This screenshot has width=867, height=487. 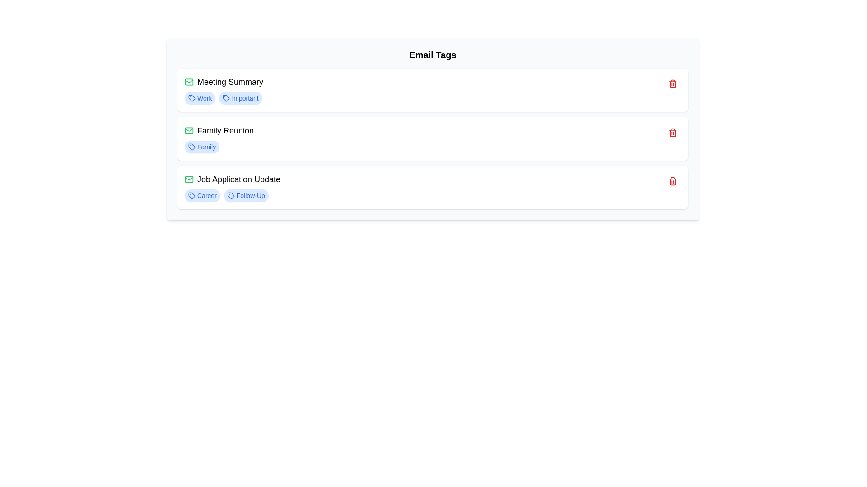 What do you see at coordinates (432, 90) in the screenshot?
I see `the email card with the subject Meeting Summary` at bounding box center [432, 90].